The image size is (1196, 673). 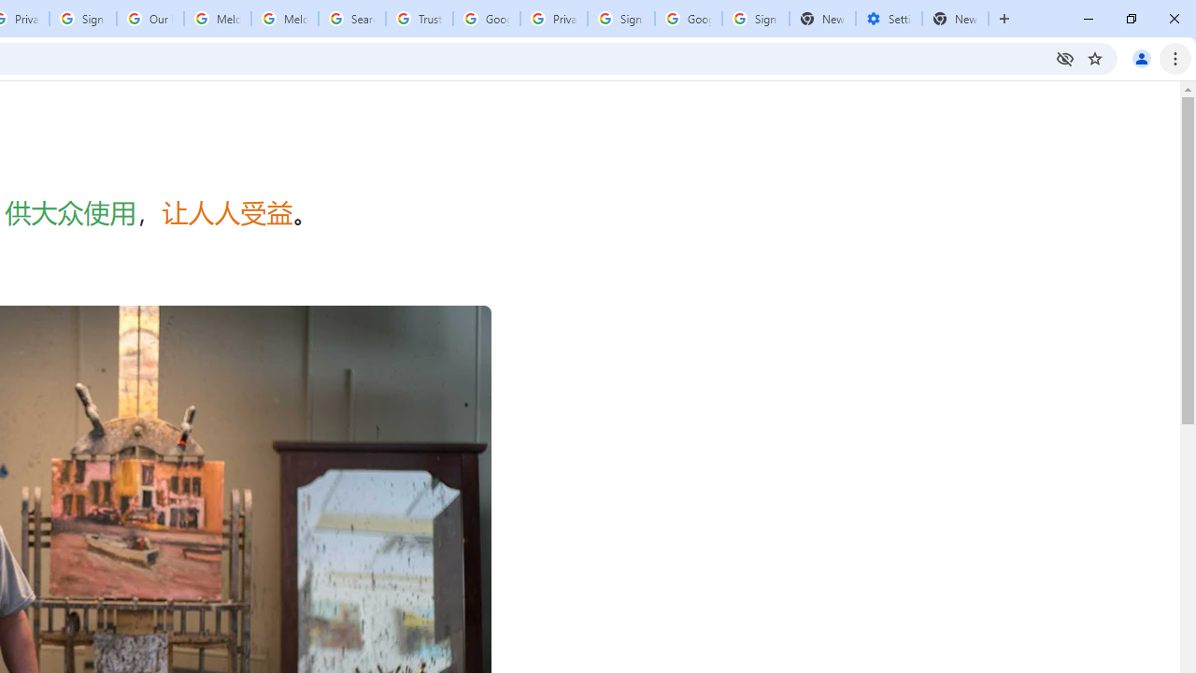 I want to click on 'Sign in - Google Accounts', so click(x=620, y=19).